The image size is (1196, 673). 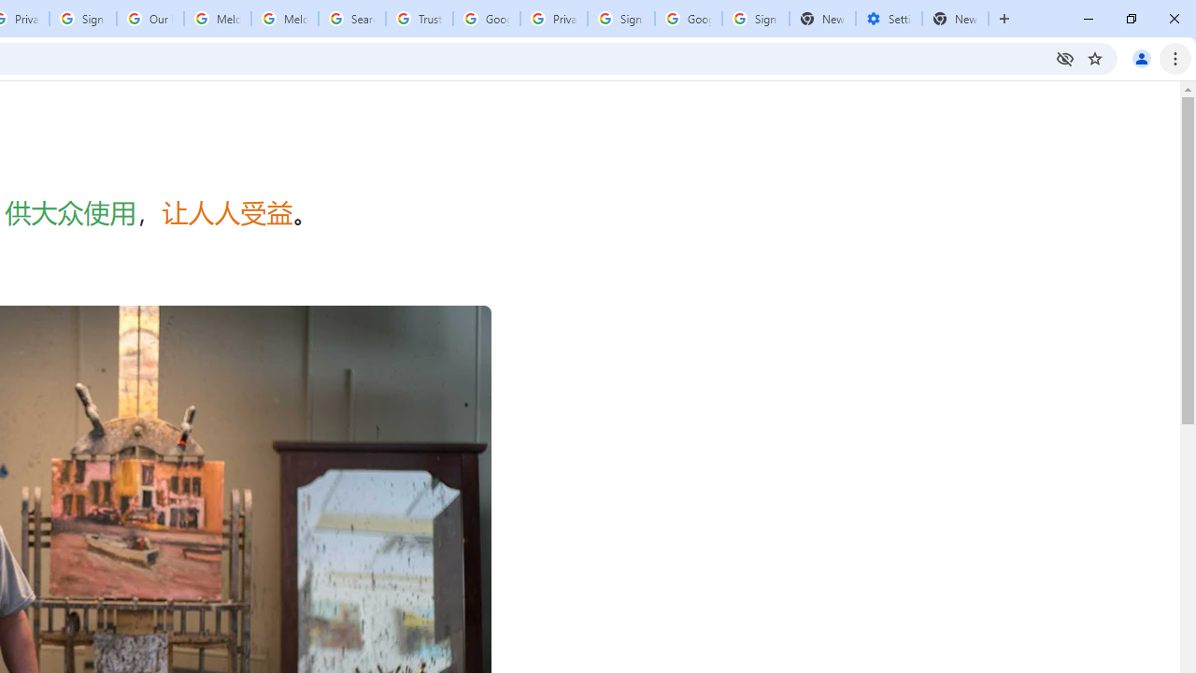 I want to click on 'Sign in - Google Accounts', so click(x=620, y=19).